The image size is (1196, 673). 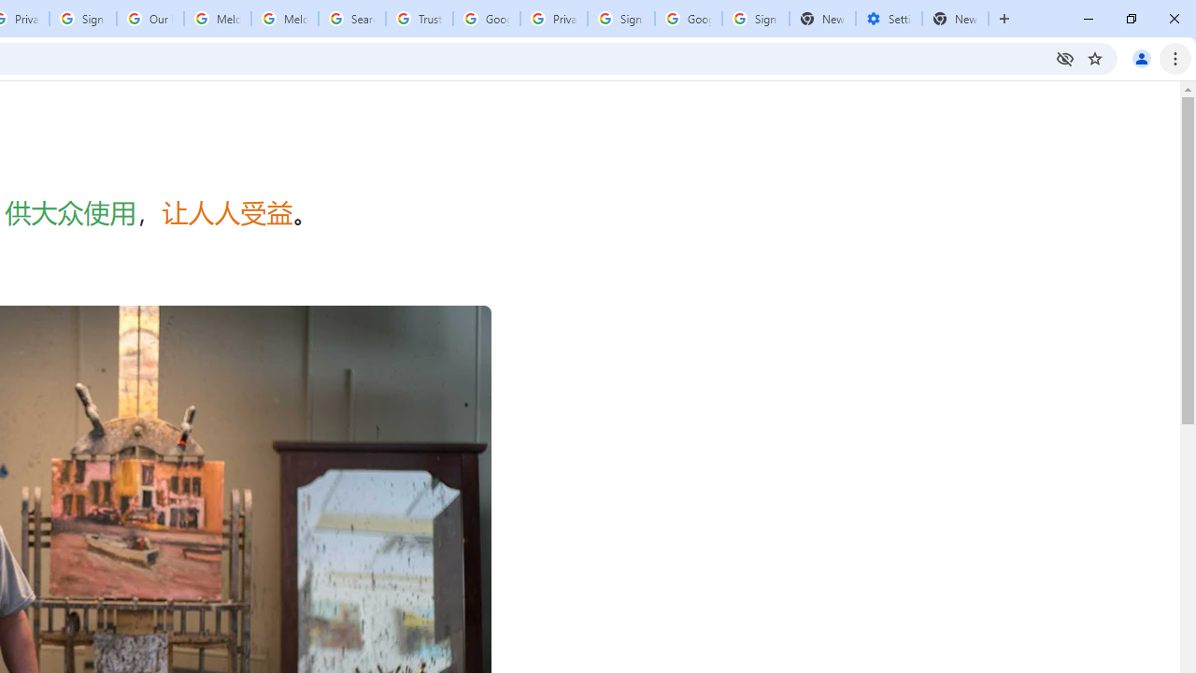 I want to click on 'Sign in - Google Accounts', so click(x=620, y=19).